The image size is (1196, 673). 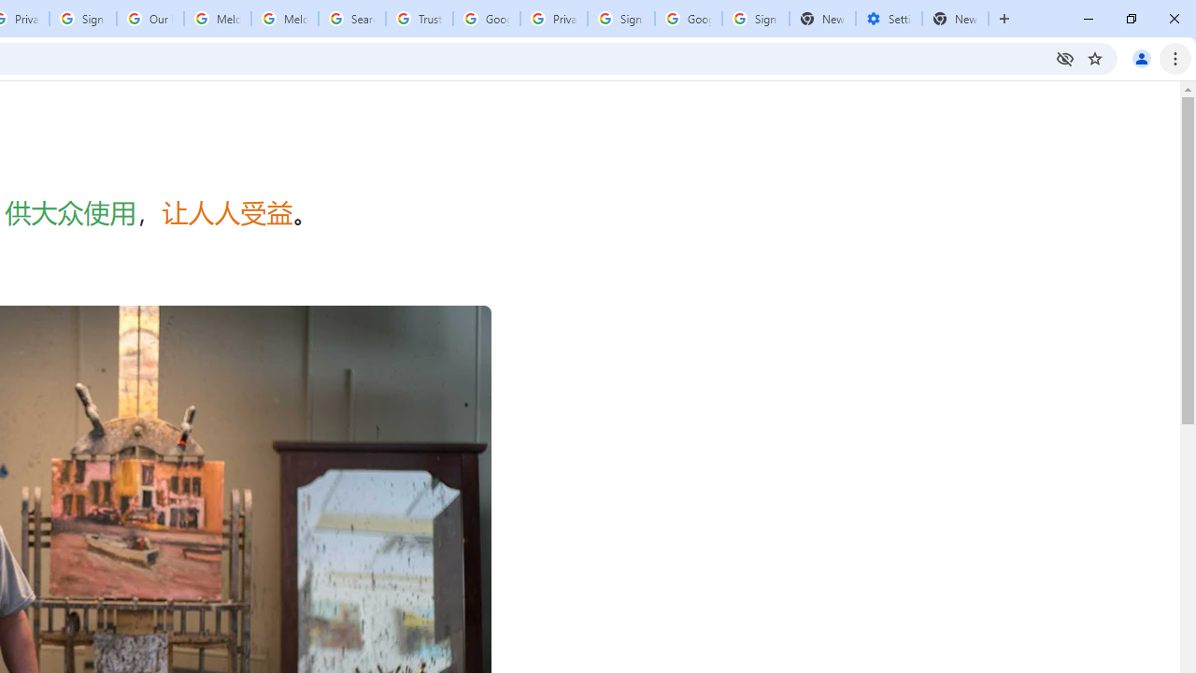 I want to click on 'Sign in - Google Accounts', so click(x=620, y=19).